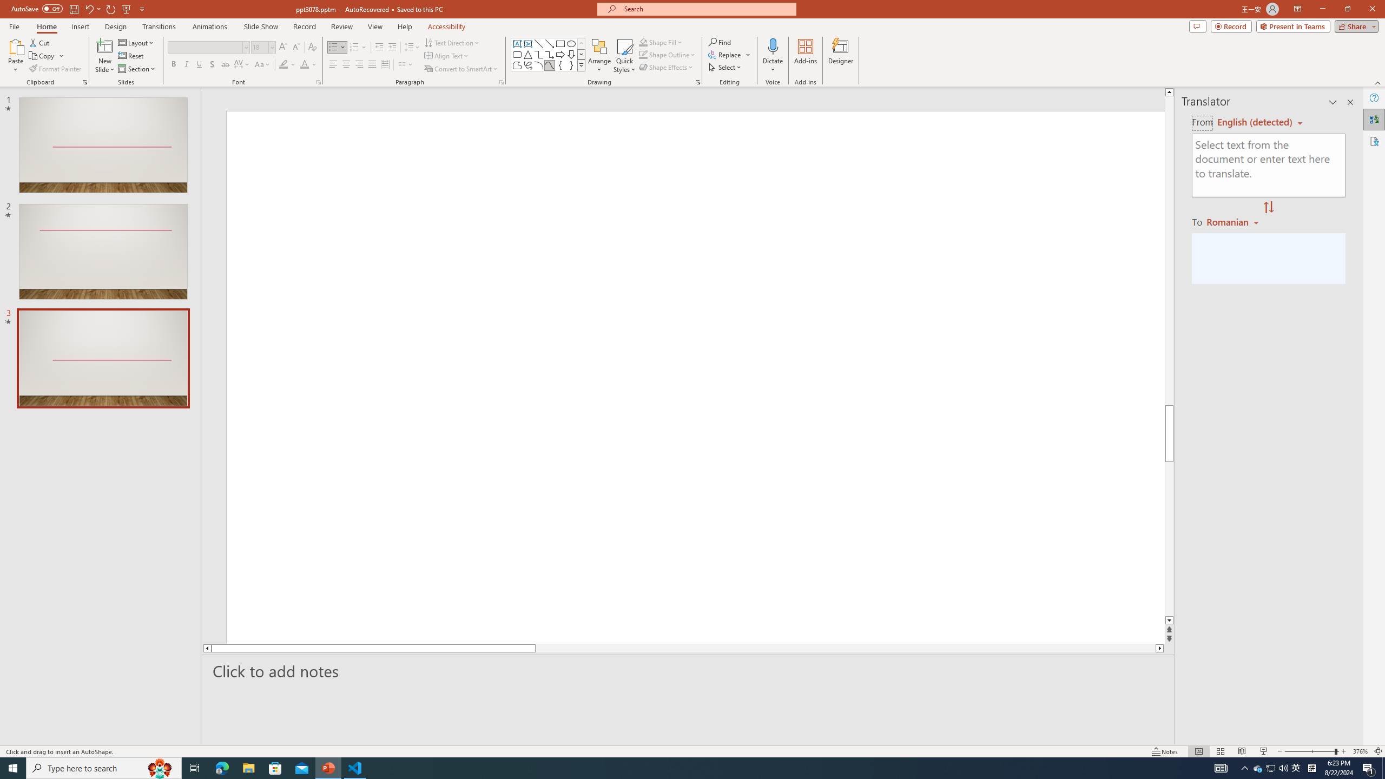  I want to click on 'Swap "from" and "to" languages.', so click(1268, 207).